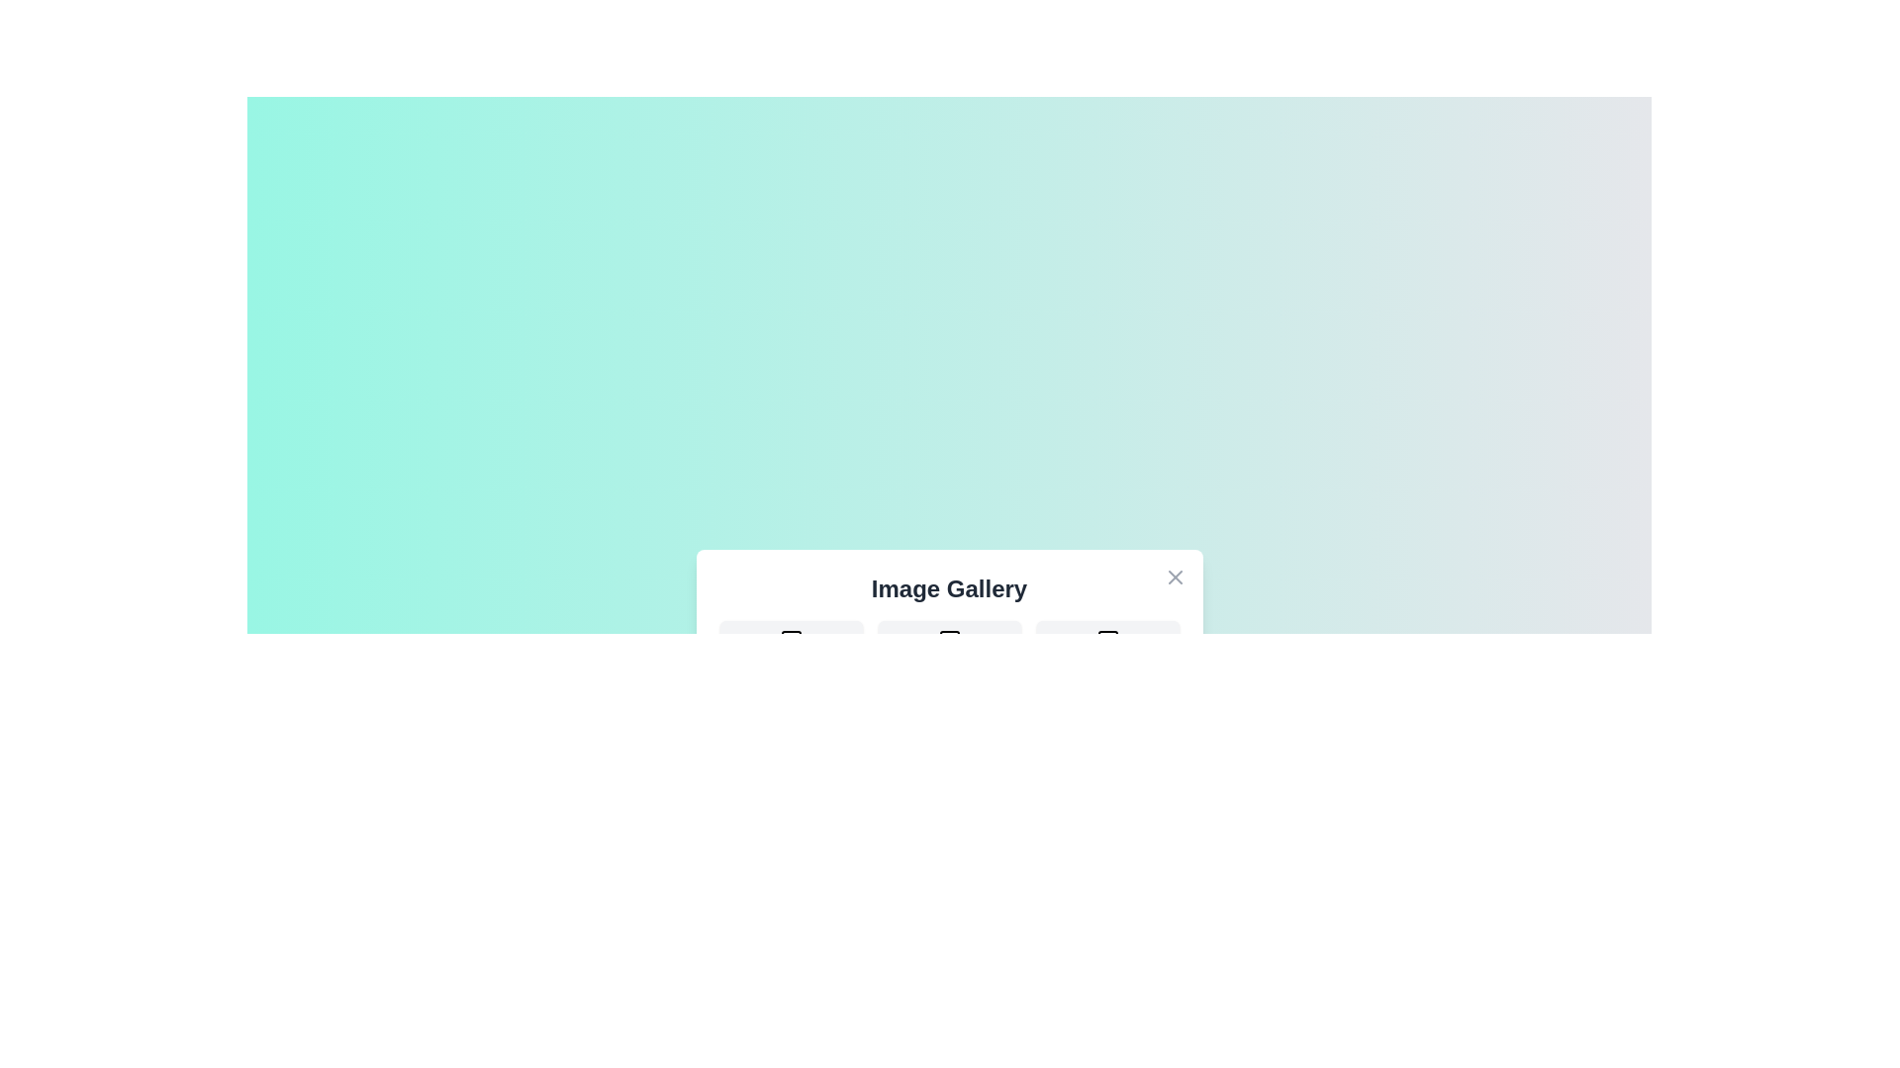  Describe the element at coordinates (1175, 577) in the screenshot. I see `the close button of the dialog to close it` at that location.